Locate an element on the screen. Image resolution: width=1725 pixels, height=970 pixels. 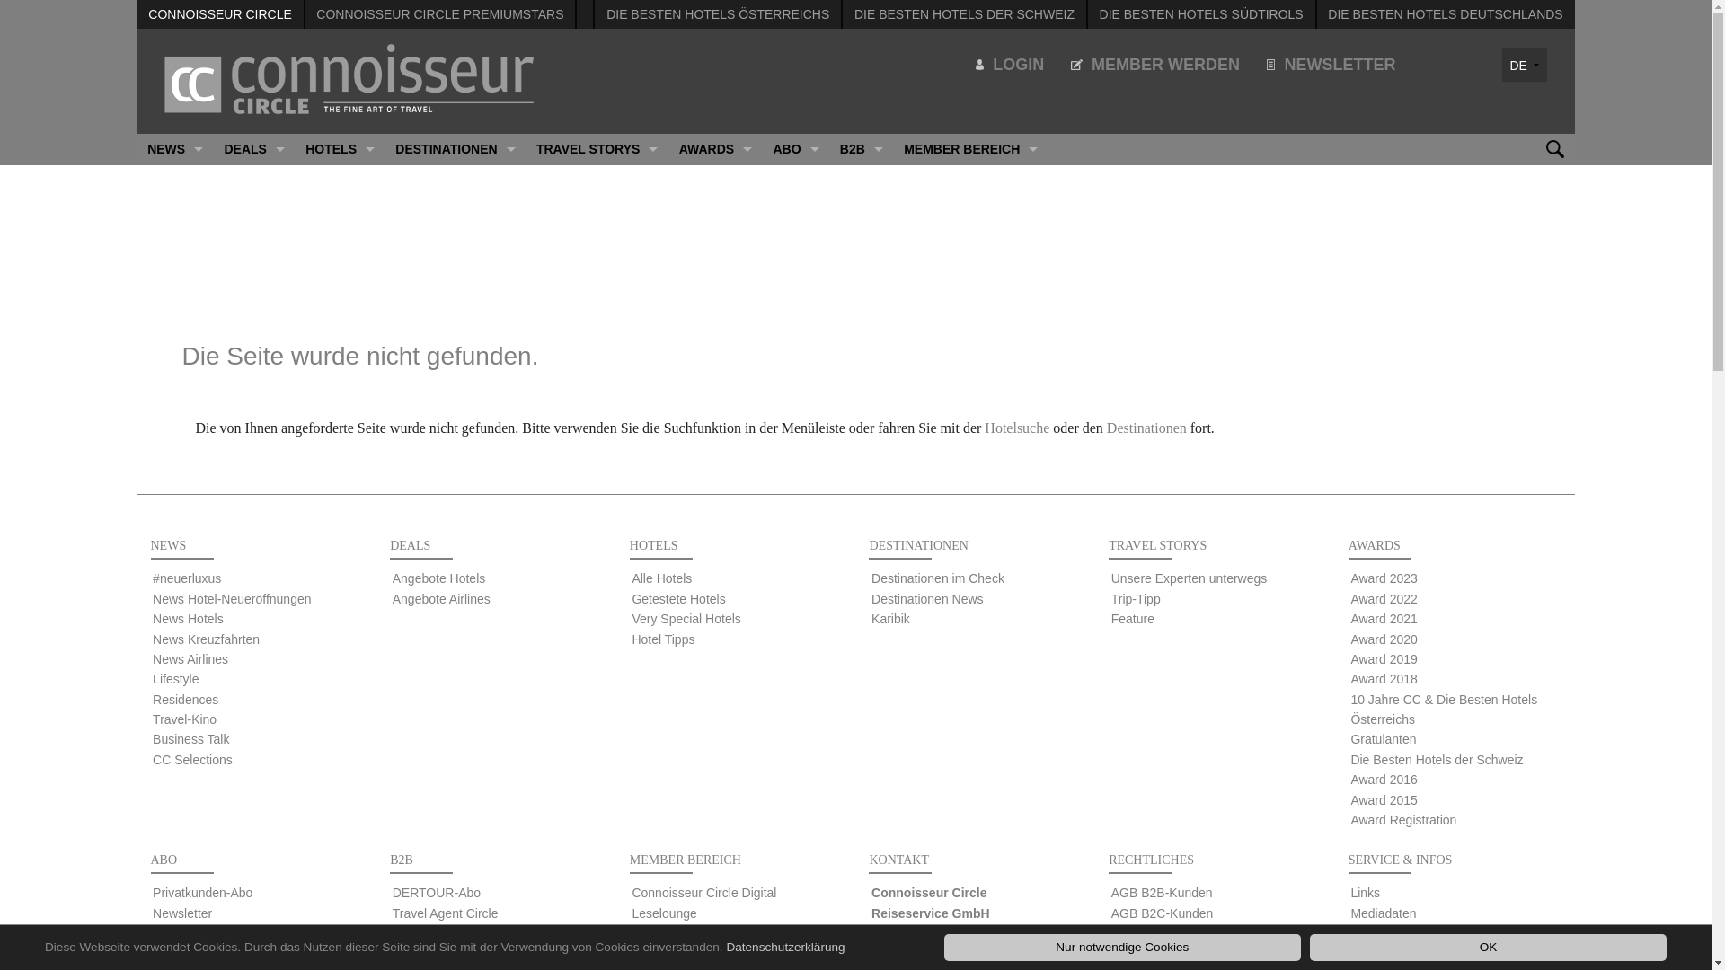
'B2B' is located at coordinates (860, 148).